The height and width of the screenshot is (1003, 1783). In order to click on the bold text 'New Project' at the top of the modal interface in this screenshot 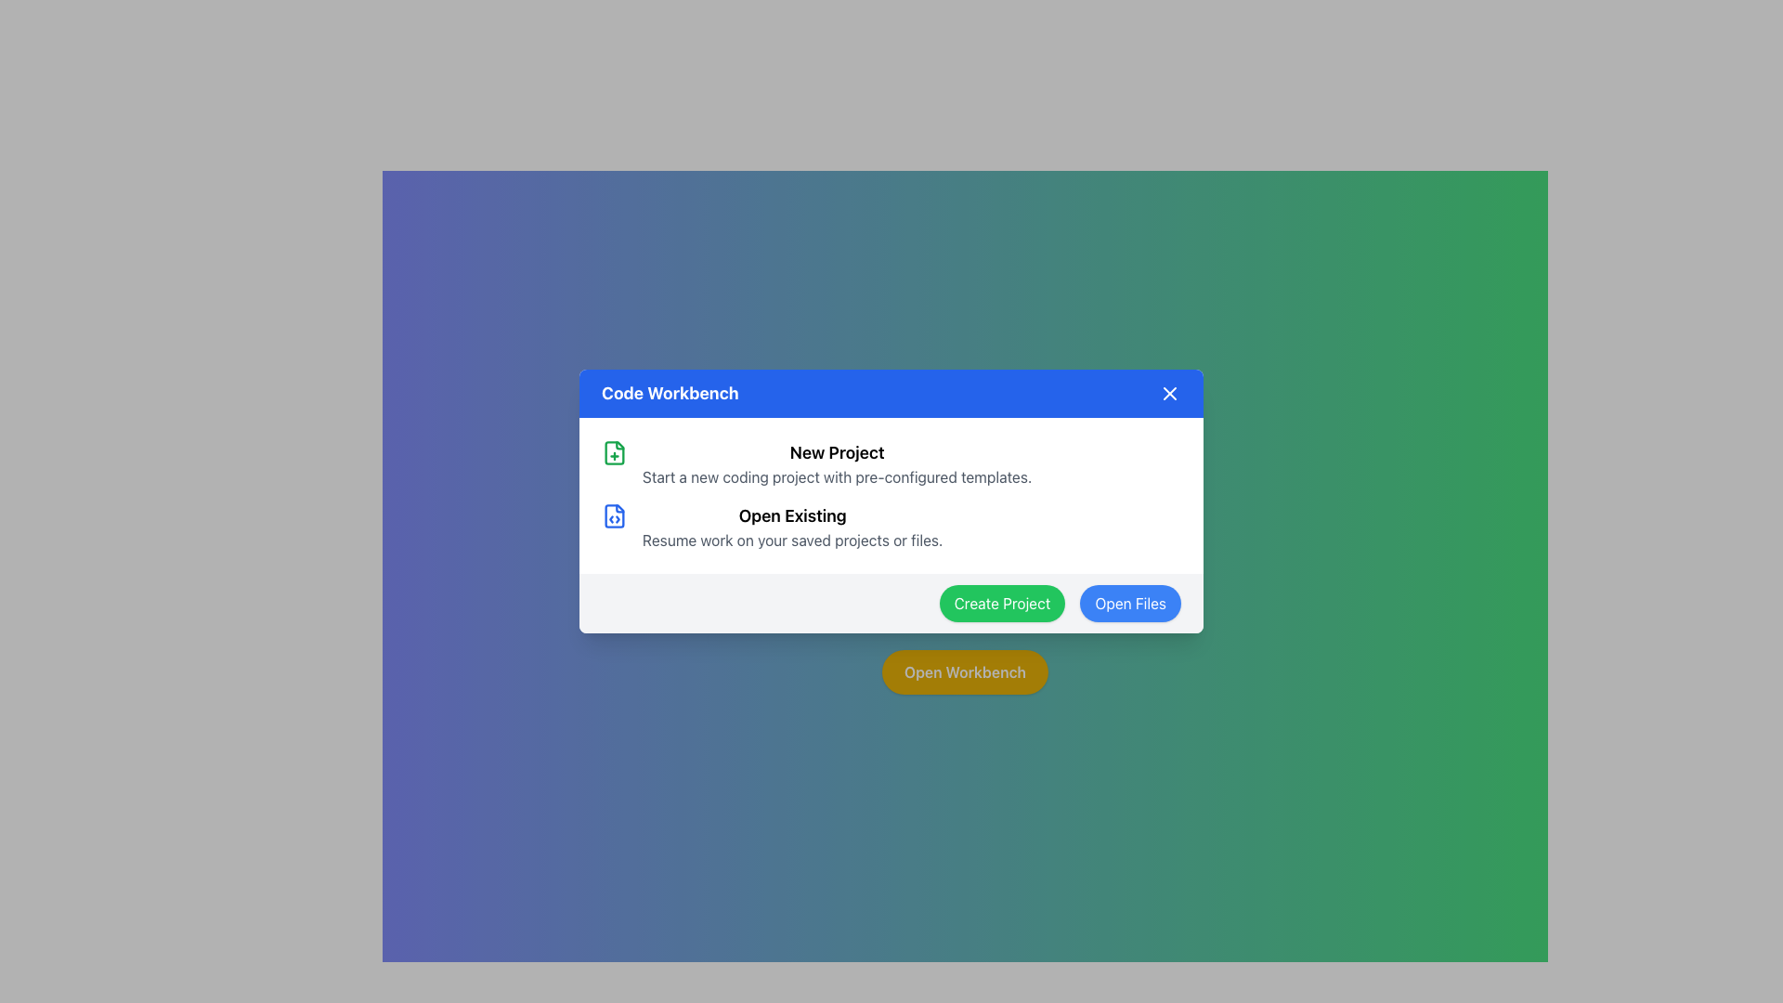, I will do `click(836, 453)`.